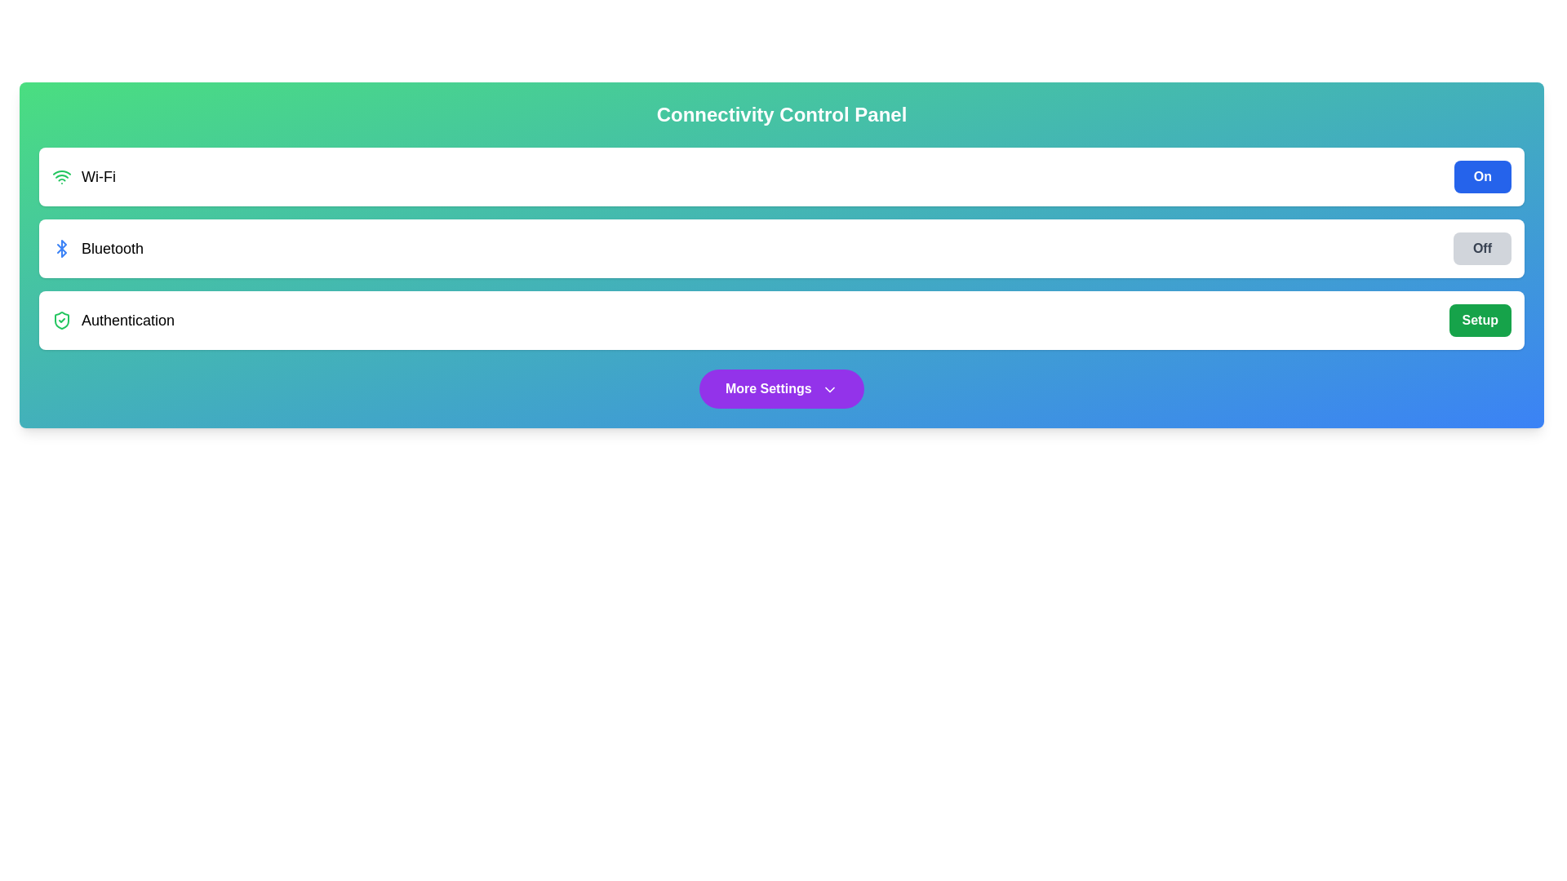 This screenshot has width=1567, height=881. Describe the element at coordinates (82, 176) in the screenshot. I see `text 'Wi-Fi' which is styled in bold and located next to a green Wi-Fi icon in the connectivity options section` at that location.